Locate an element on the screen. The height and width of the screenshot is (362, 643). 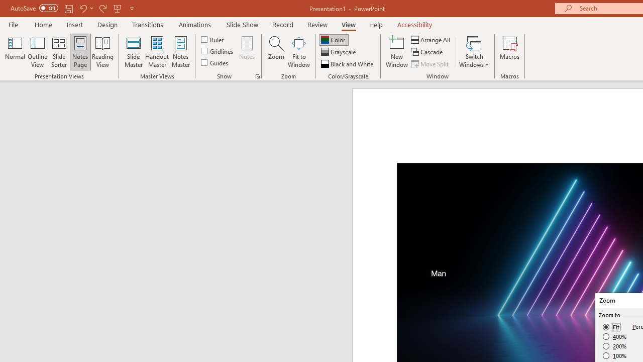
'200%' is located at coordinates (614, 346).